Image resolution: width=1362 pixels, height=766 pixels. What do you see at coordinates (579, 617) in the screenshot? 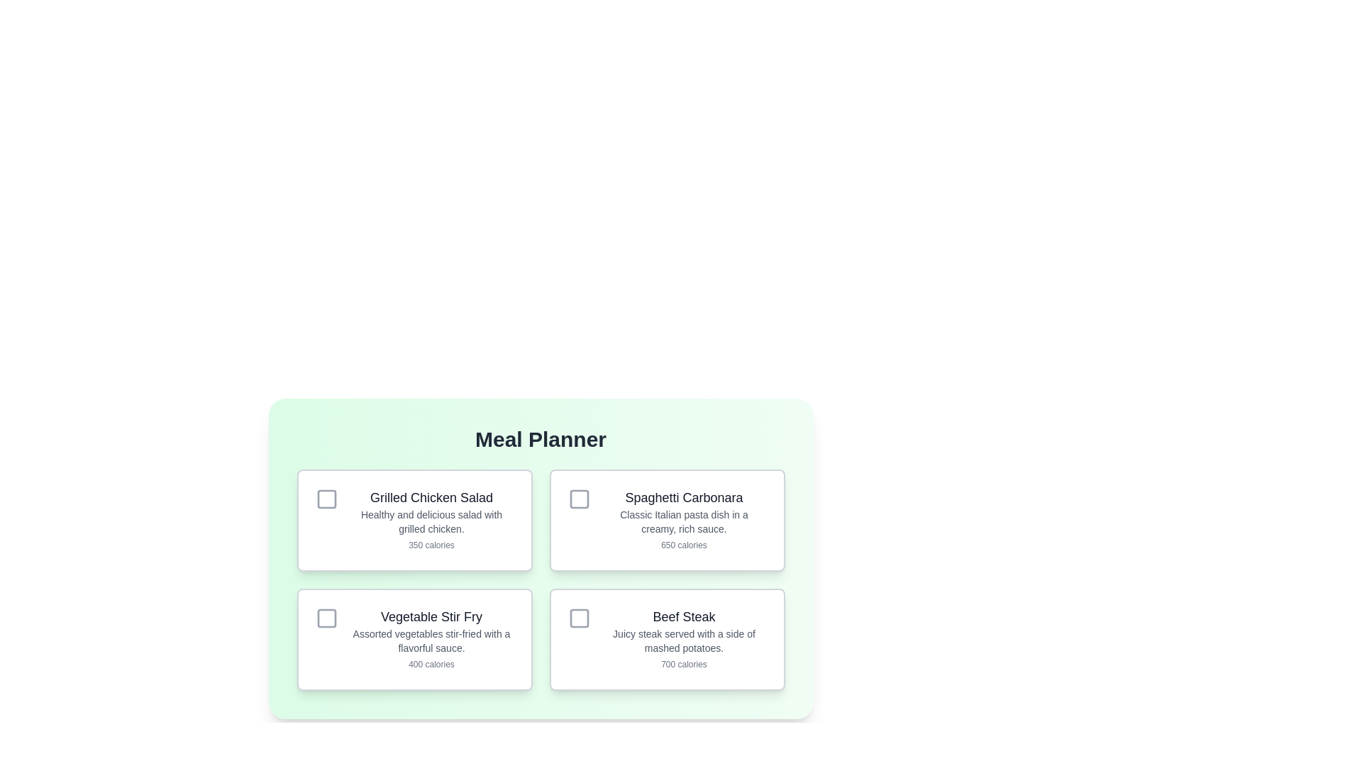
I see `the Checkbox state indicator for the 'Beef Steak' item in the meal planner` at bounding box center [579, 617].